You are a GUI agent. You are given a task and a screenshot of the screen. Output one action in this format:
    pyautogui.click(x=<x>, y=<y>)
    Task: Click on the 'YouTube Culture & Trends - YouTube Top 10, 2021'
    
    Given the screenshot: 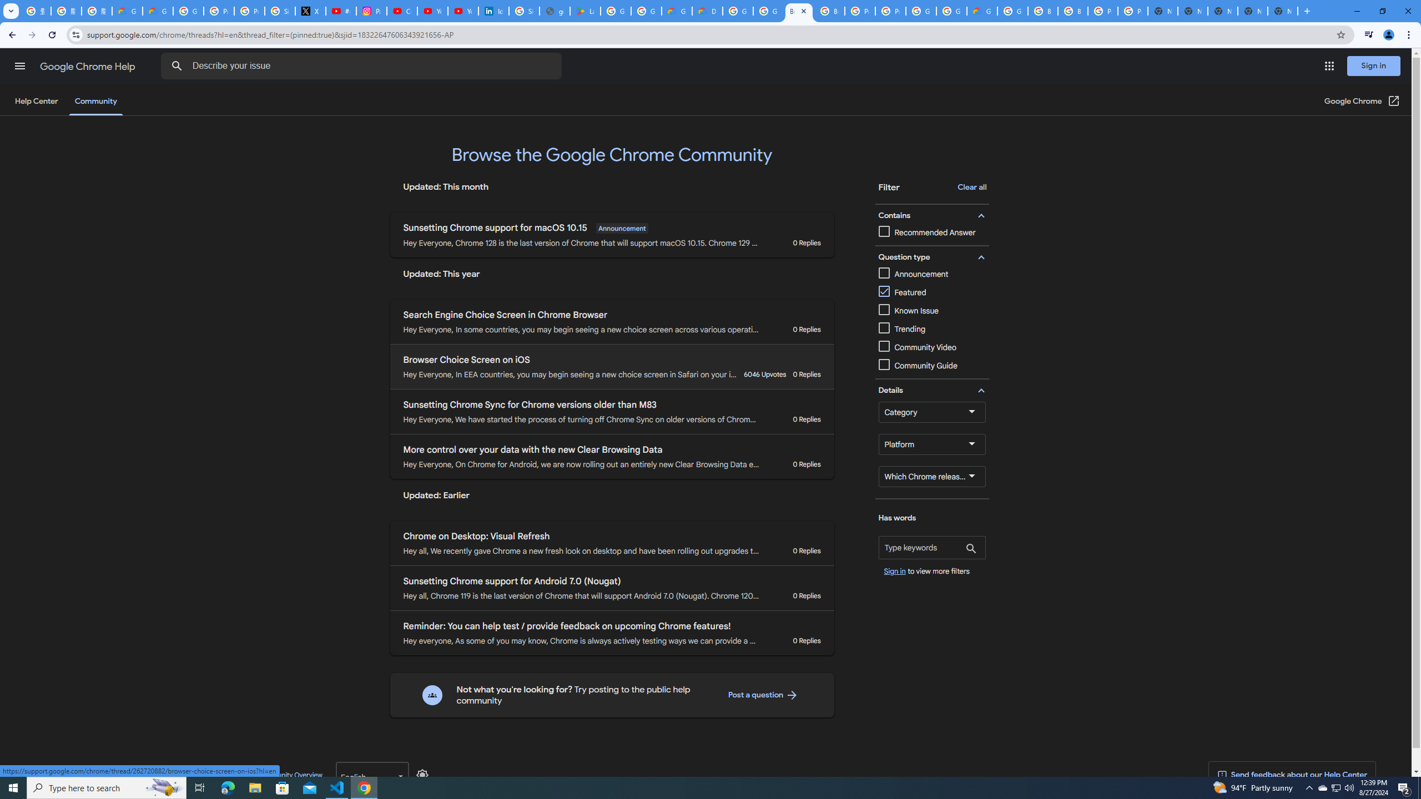 What is the action you would take?
    pyautogui.click(x=462, y=11)
    